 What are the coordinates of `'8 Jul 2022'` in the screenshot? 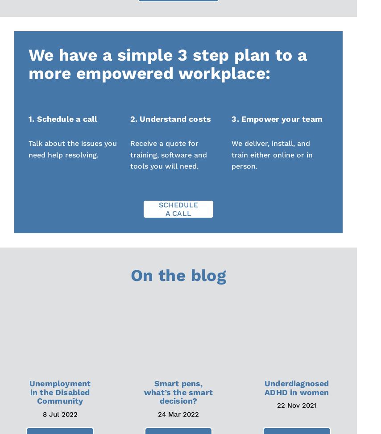 It's located at (42, 414).